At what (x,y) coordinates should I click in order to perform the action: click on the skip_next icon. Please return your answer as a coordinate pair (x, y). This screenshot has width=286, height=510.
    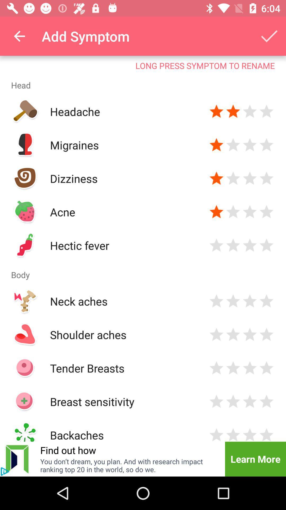
    Looking at the image, I should click on (17, 459).